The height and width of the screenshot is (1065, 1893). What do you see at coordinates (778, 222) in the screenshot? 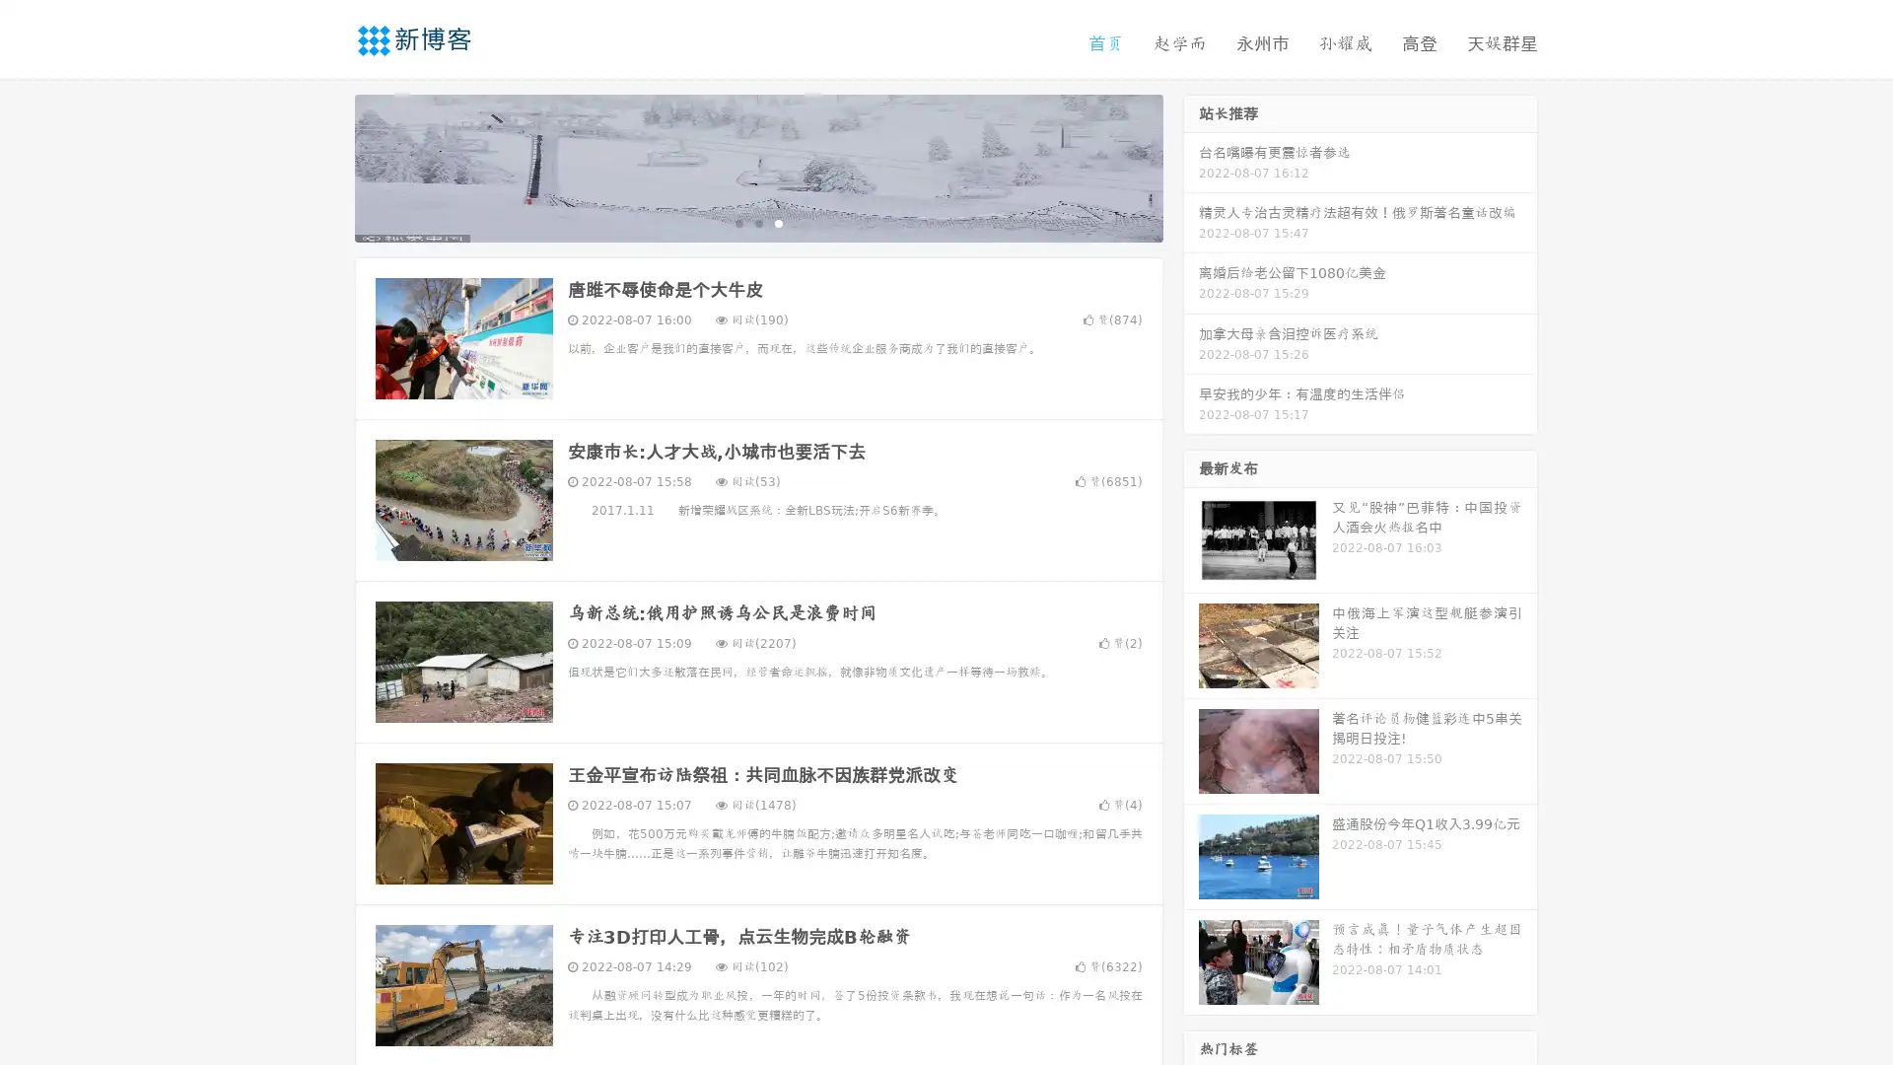
I see `Go to slide 3` at bounding box center [778, 222].